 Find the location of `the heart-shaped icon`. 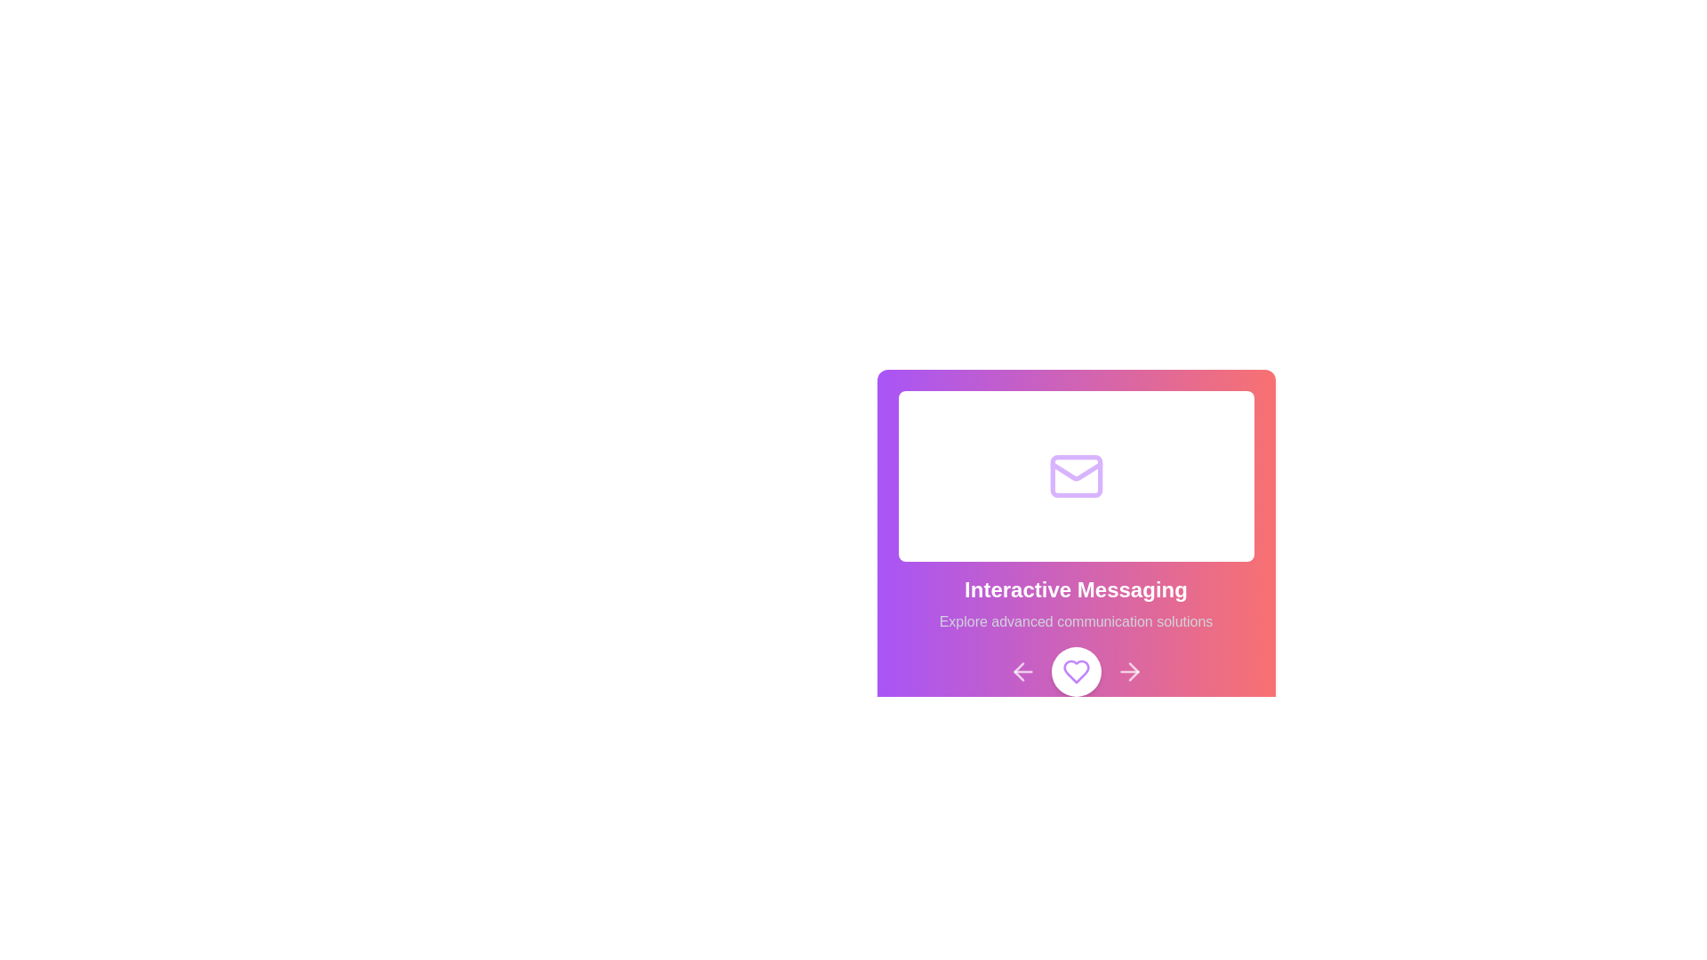

the heart-shaped icon is located at coordinates (1075, 672).